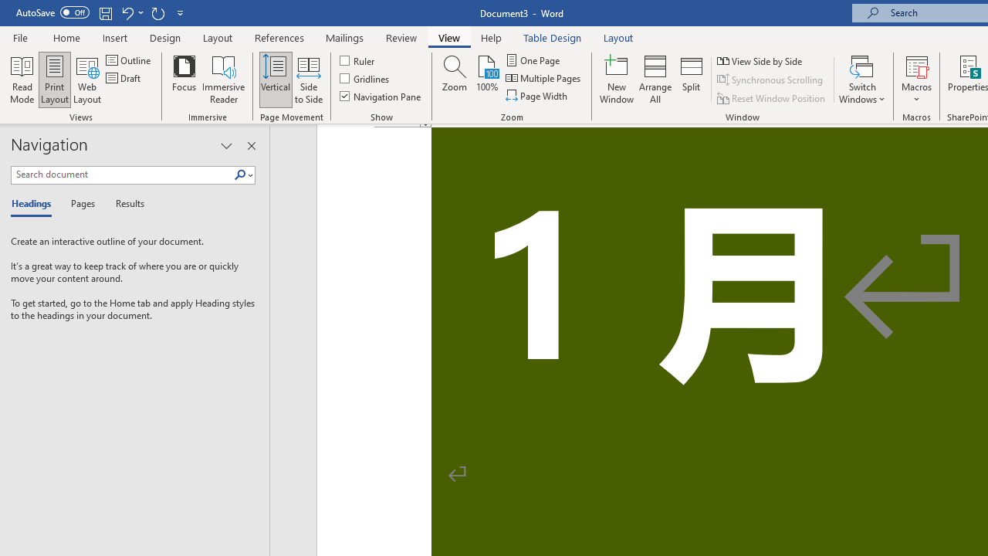 This screenshot has height=556, width=988. What do you see at coordinates (486, 80) in the screenshot?
I see `'100%'` at bounding box center [486, 80].